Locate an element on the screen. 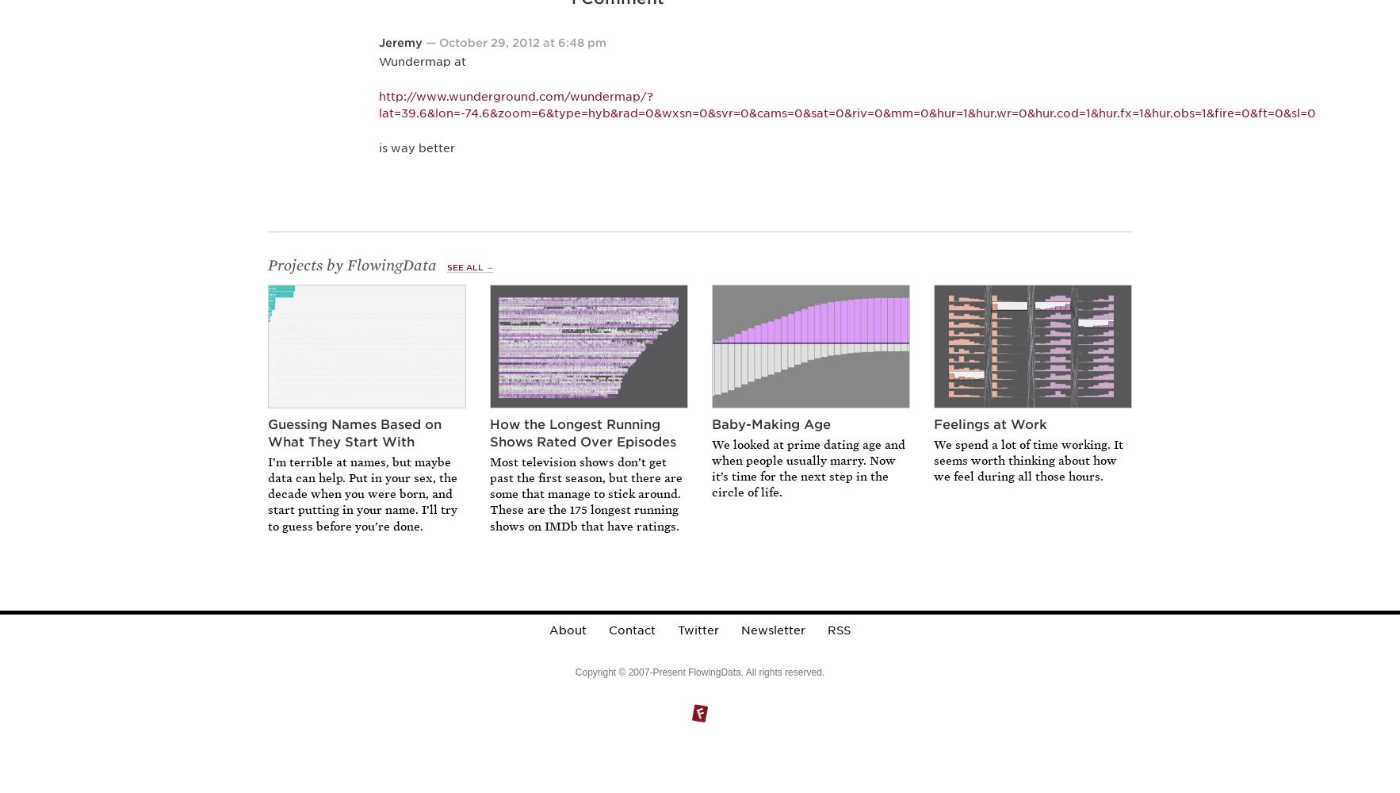  'Guessing Names Based on What They Start With' is located at coordinates (354, 433).